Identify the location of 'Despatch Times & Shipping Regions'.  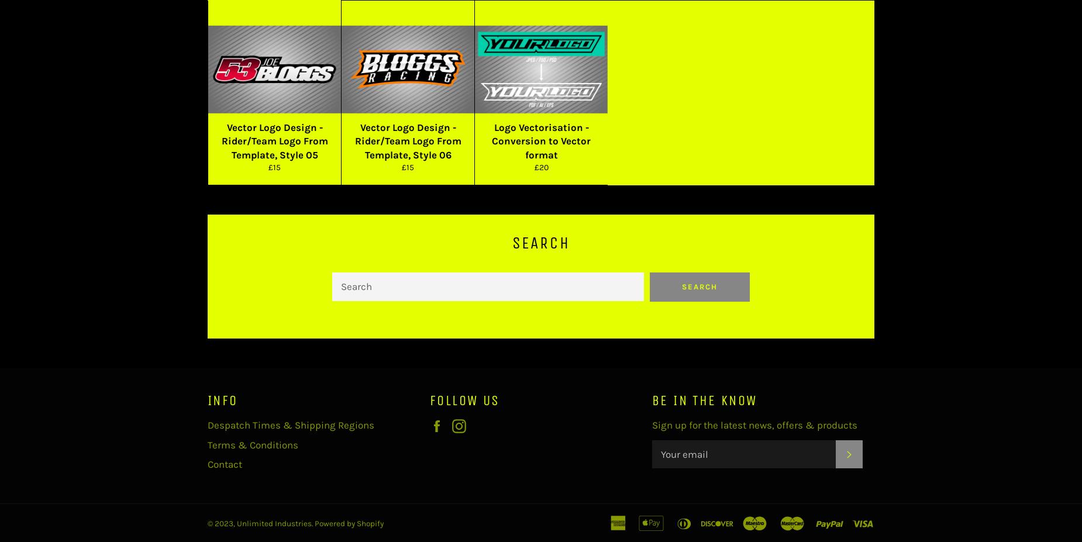
(291, 424).